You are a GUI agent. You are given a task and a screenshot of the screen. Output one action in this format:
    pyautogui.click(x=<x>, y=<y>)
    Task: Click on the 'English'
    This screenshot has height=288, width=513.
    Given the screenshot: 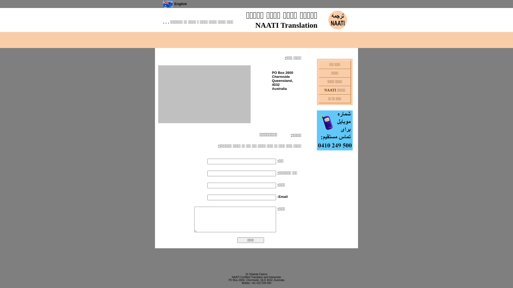 What is the action you would take?
    pyautogui.click(x=168, y=6)
    